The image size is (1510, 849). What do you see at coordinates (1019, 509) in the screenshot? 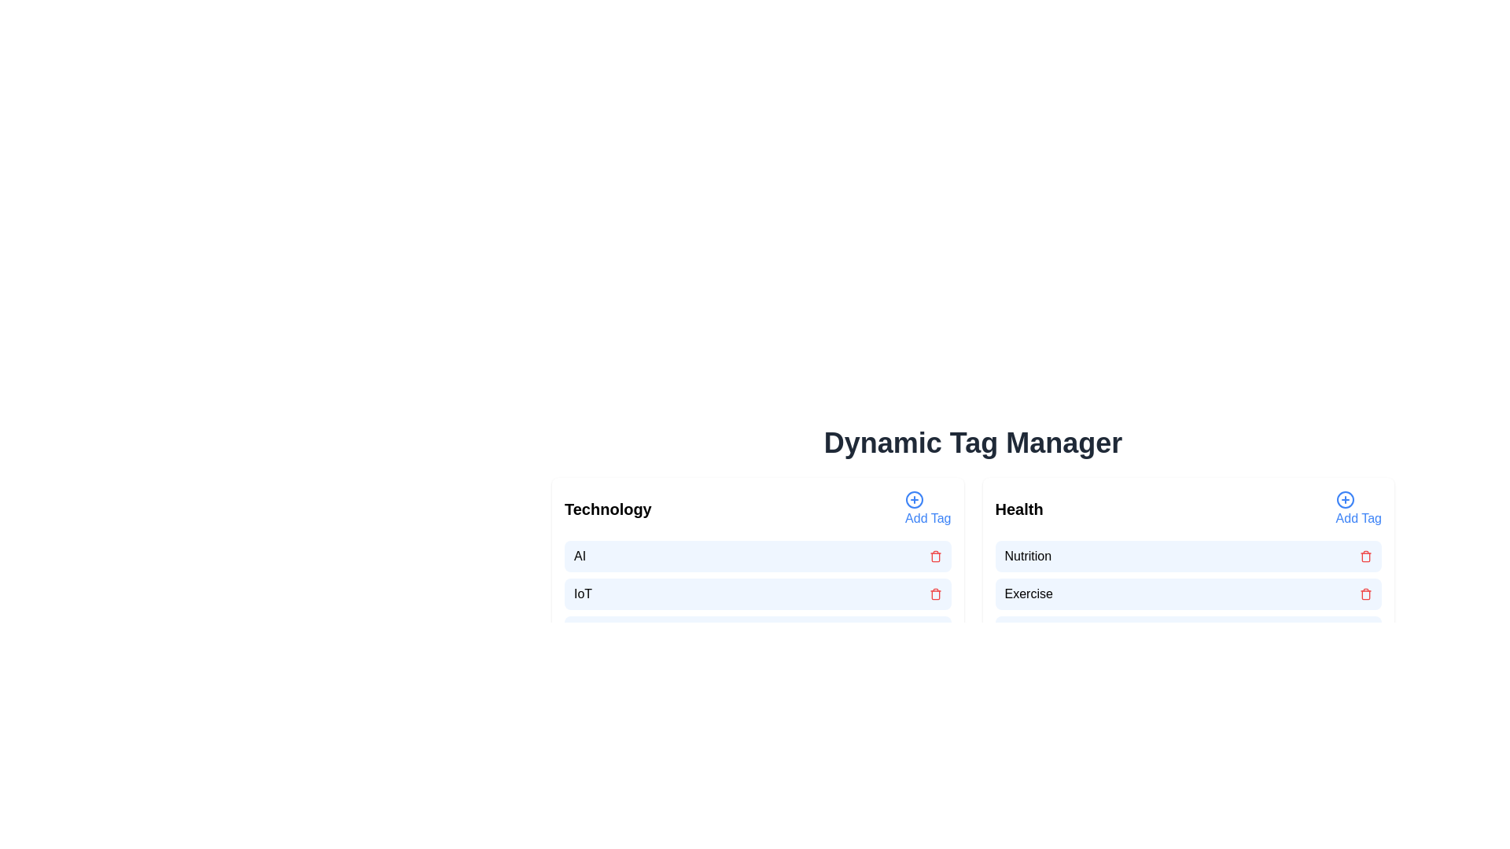
I see `the text label indicating 'Health', which serves as a header for the category under 'Dynamic Tag Manager'` at bounding box center [1019, 509].